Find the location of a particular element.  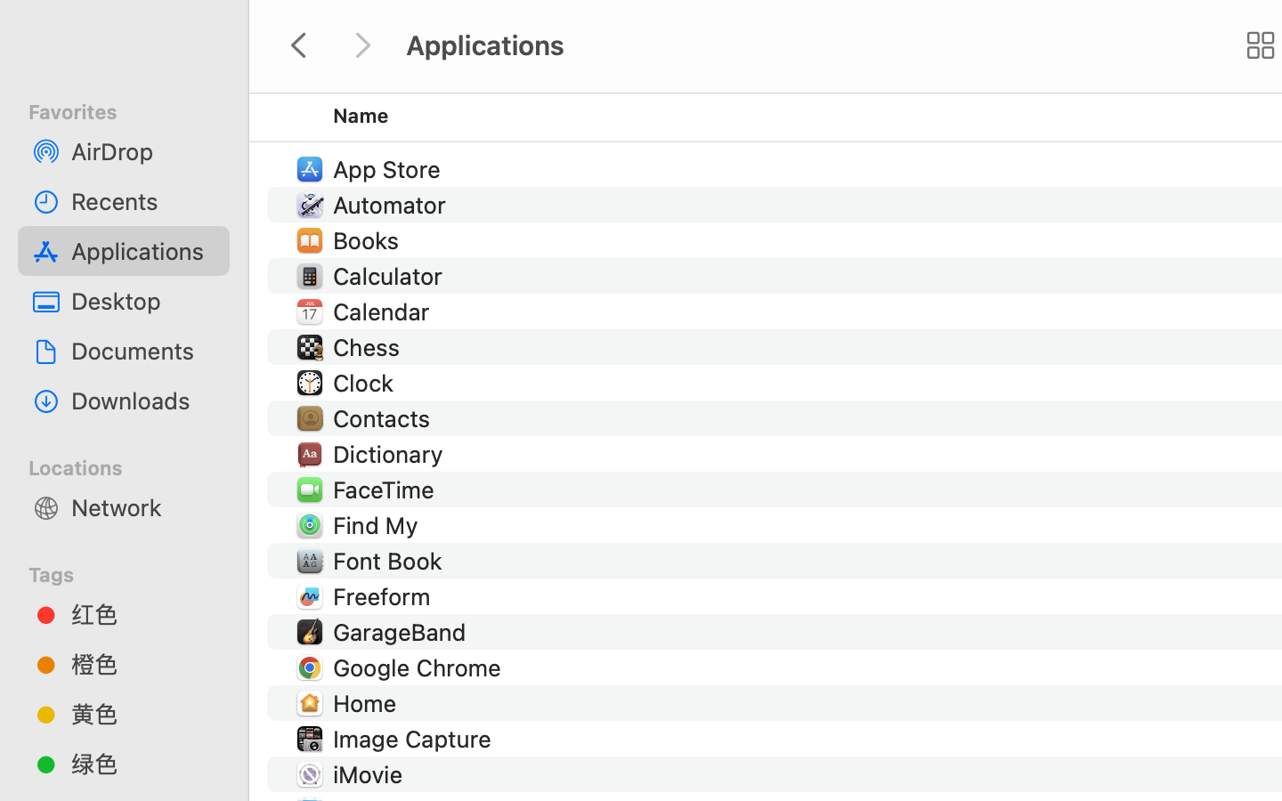

'Automator' is located at coordinates (393, 204).